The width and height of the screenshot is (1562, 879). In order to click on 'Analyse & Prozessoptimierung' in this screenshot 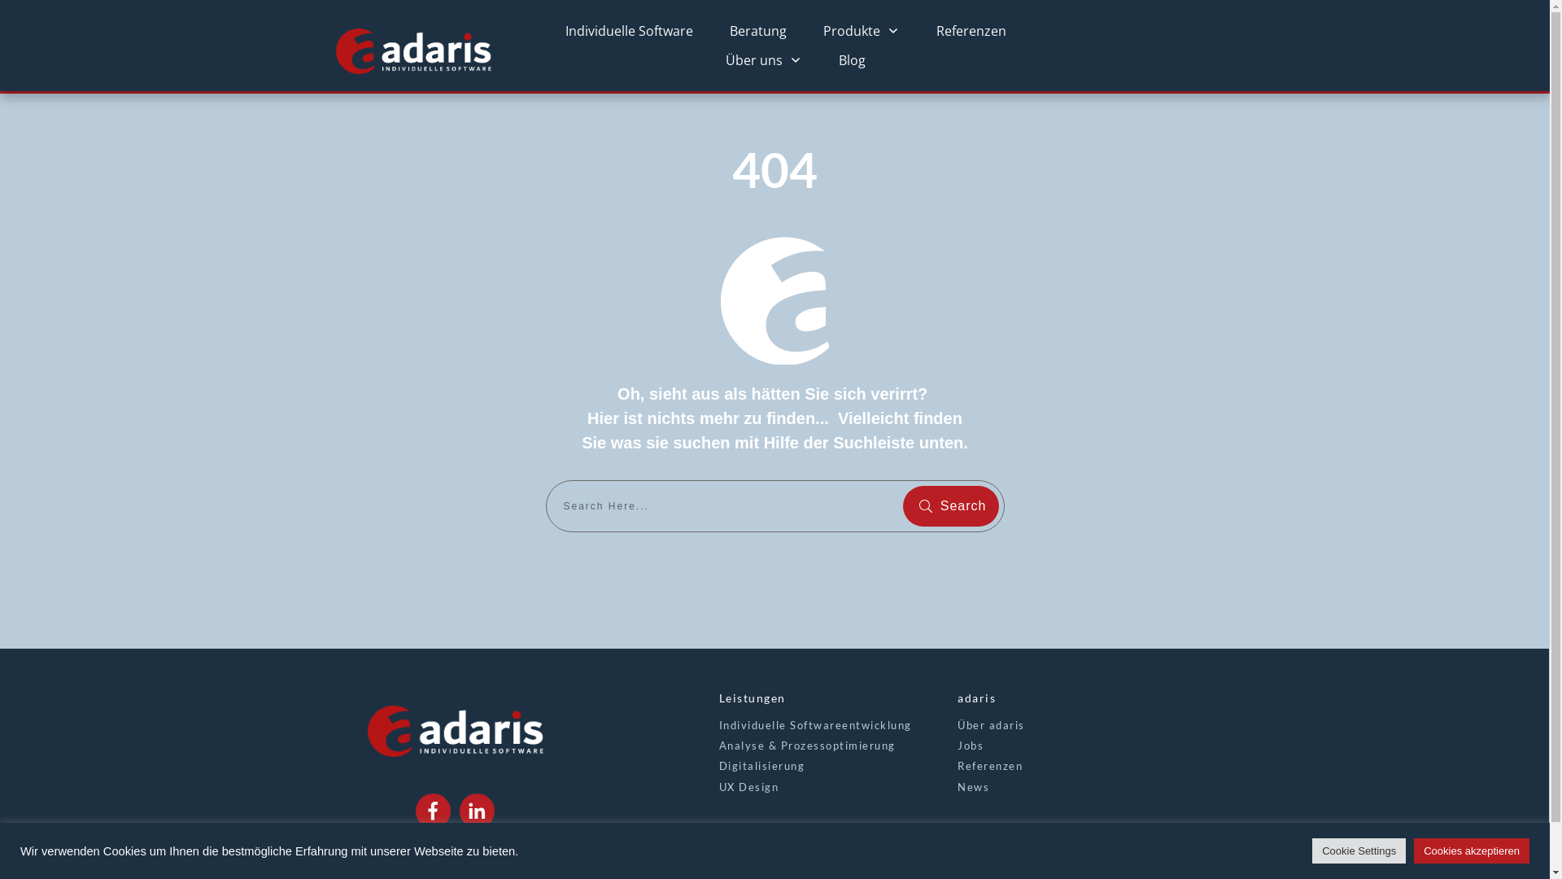, I will do `click(718, 745)`.